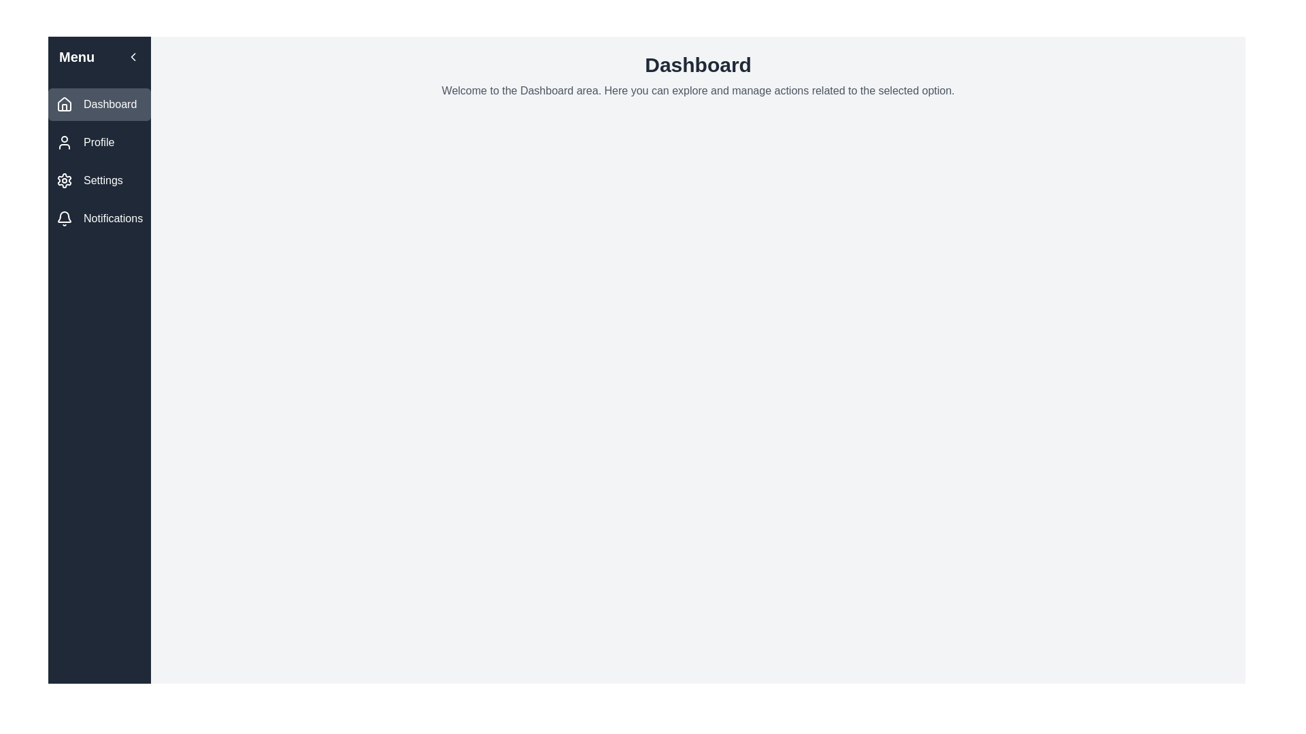  Describe the element at coordinates (102, 180) in the screenshot. I see `the 'Settings' text label in the navigation menu, which is located beneath 'Profile' and above 'Notifications' in the sidebar` at that location.